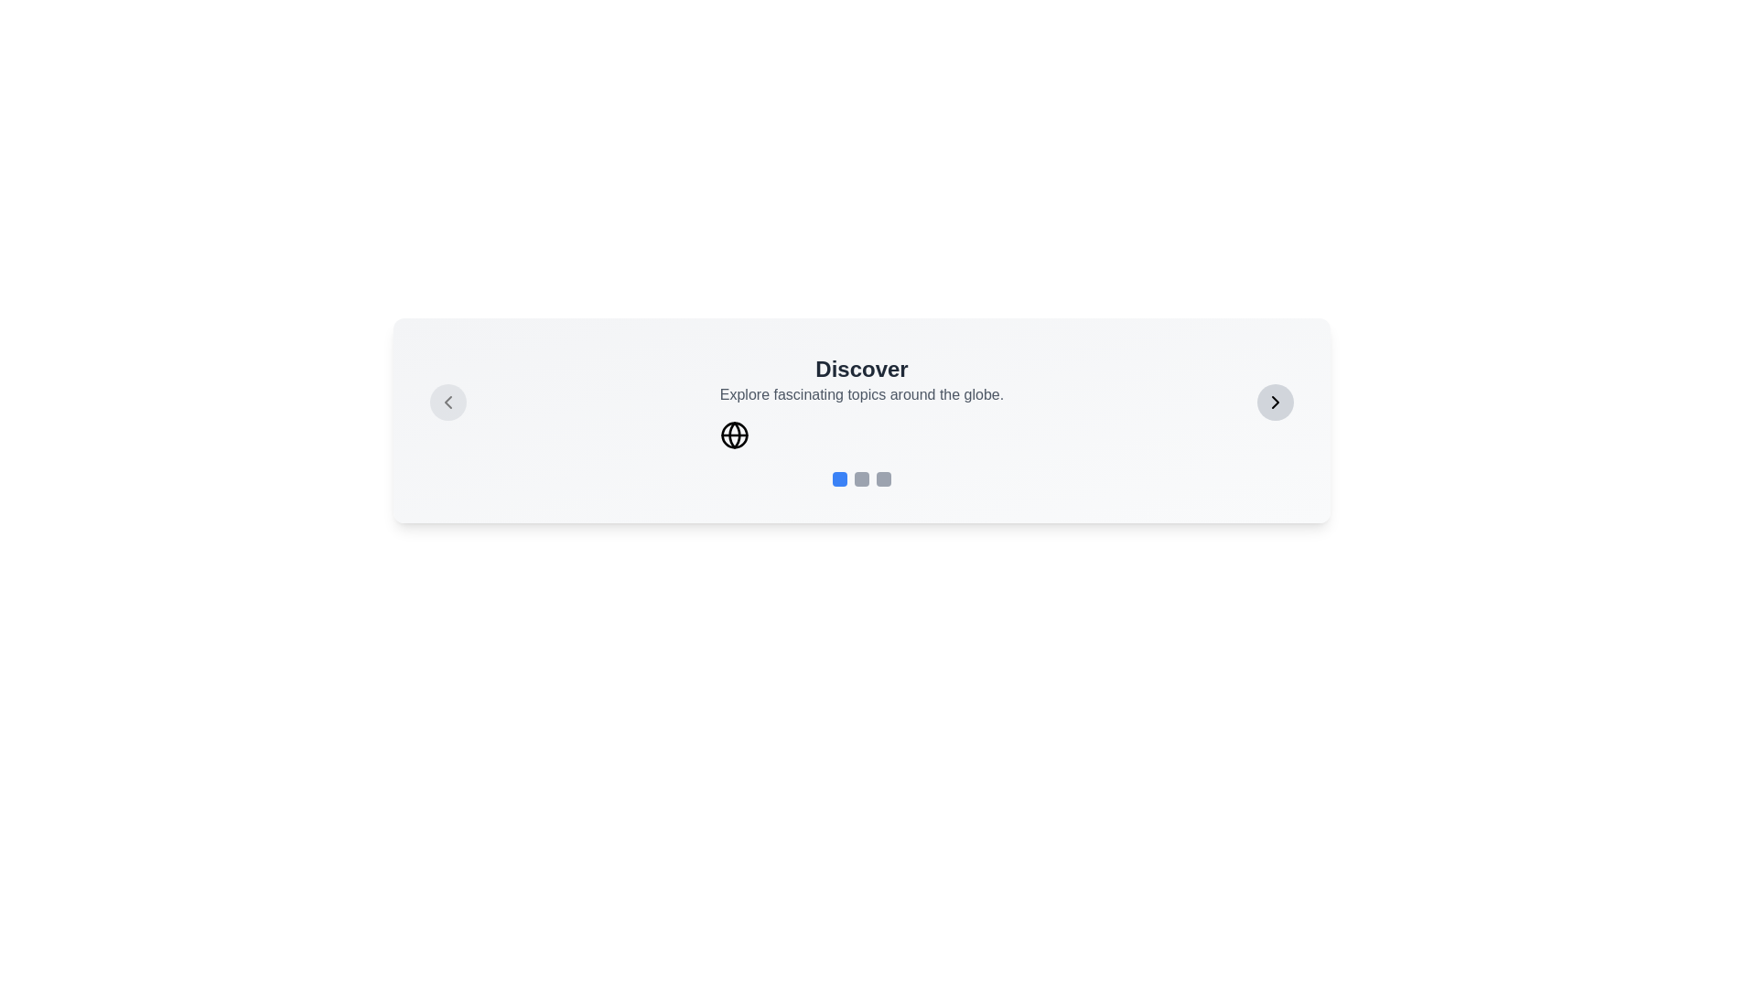 The height and width of the screenshot is (988, 1757). Describe the element at coordinates (860, 478) in the screenshot. I see `the Pagination indicator (dots)` at that location.